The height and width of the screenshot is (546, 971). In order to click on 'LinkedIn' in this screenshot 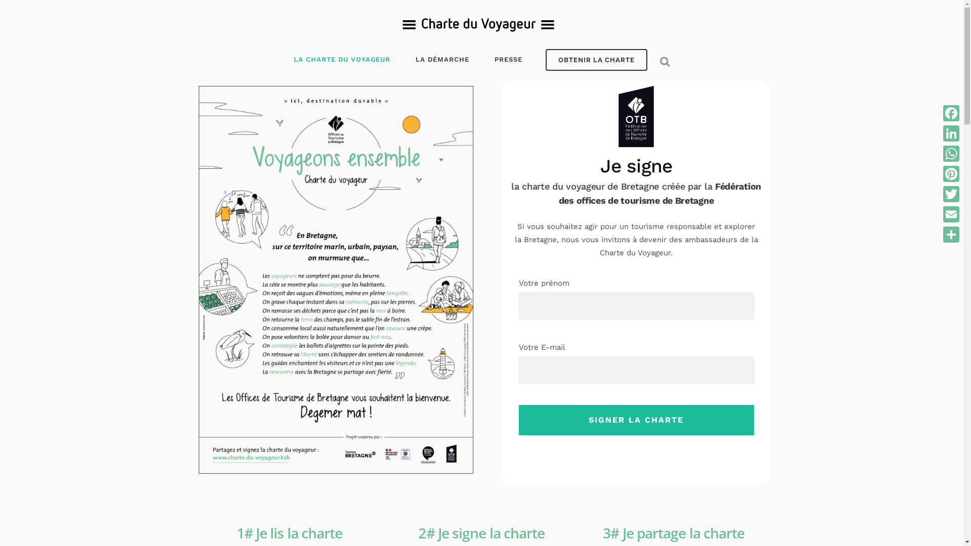, I will do `click(951, 132)`.